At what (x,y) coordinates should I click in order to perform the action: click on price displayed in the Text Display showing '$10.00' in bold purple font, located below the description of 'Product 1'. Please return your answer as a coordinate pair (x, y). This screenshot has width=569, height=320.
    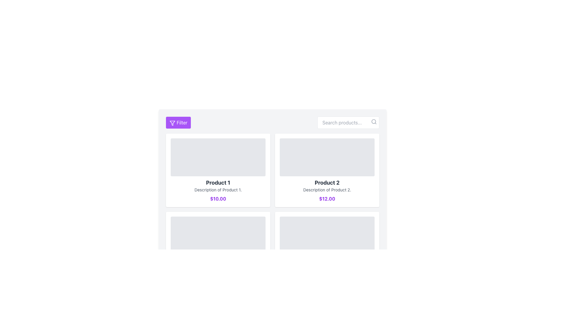
    Looking at the image, I should click on (218, 199).